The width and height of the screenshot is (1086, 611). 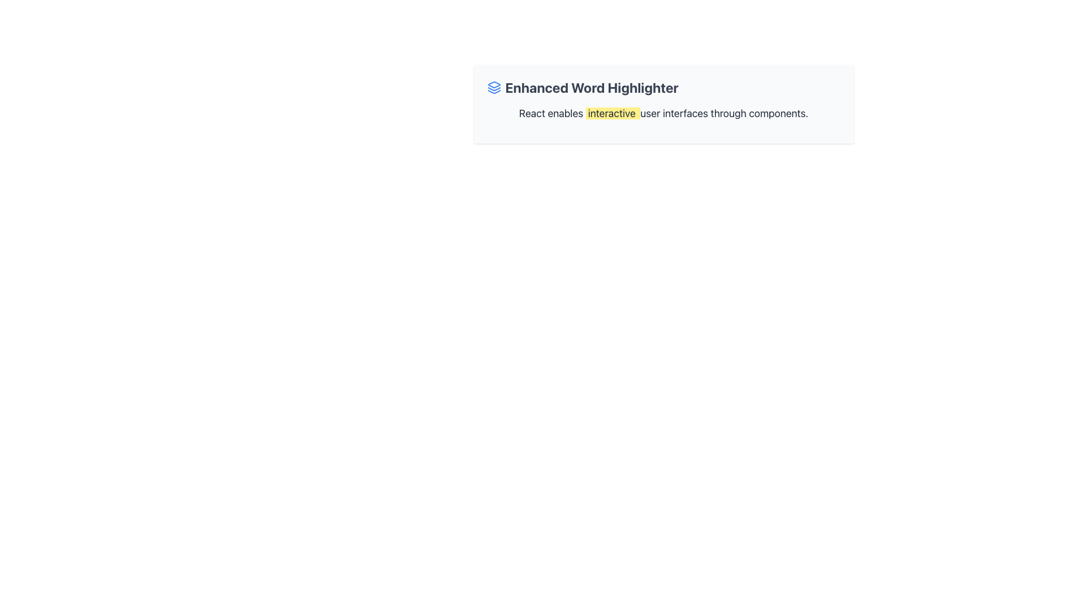 What do you see at coordinates (663, 113) in the screenshot?
I see `the informational text element that displays capabilities of React, located below the title 'Enhanced Word Highlighter' in a centered card layout` at bounding box center [663, 113].